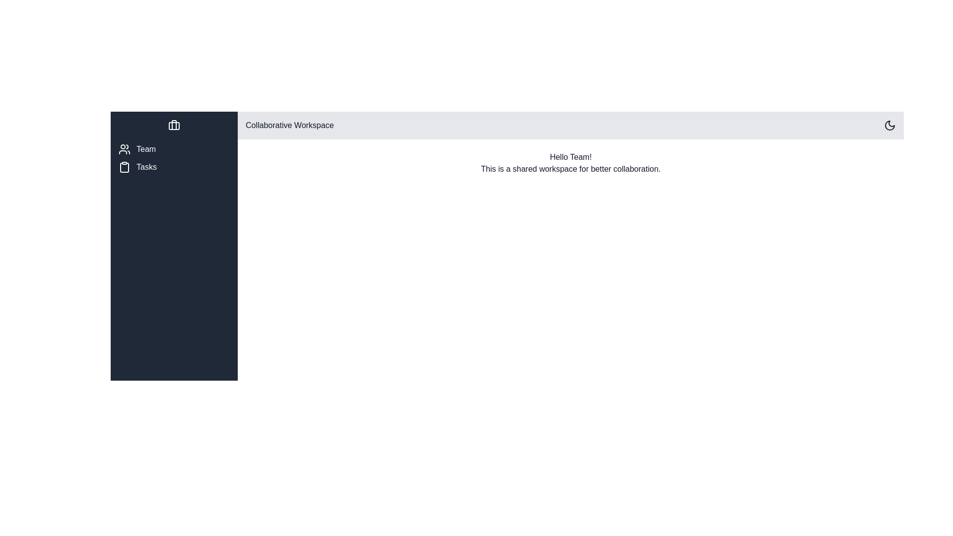 The height and width of the screenshot is (536, 953). Describe the element at coordinates (174, 166) in the screenshot. I see `the 'Tasks' menu item in the navigation sidebar` at that location.